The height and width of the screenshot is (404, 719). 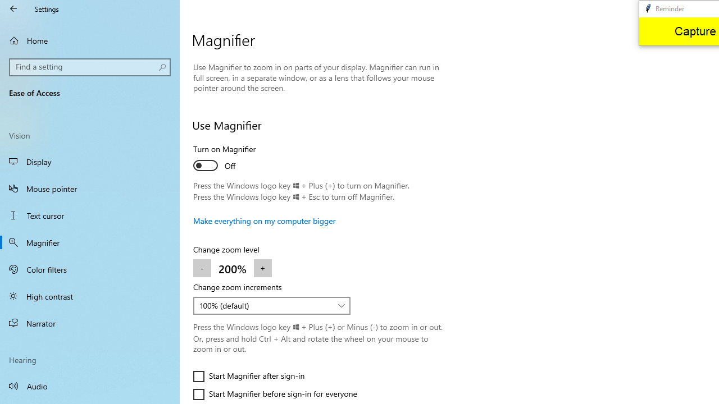 What do you see at coordinates (262, 268) in the screenshot?
I see `'Zoom in'` at bounding box center [262, 268].